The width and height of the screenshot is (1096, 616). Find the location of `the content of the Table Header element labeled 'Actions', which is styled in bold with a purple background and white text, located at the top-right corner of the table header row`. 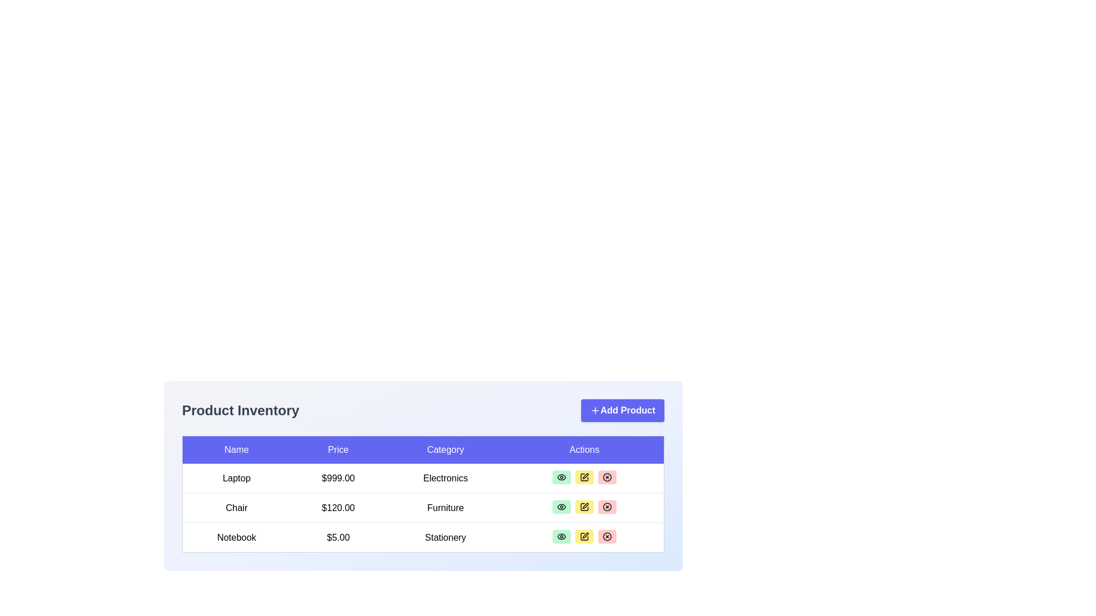

the content of the Table Header element labeled 'Actions', which is styled in bold with a purple background and white text, located at the top-right corner of the table header row is located at coordinates (585, 449).